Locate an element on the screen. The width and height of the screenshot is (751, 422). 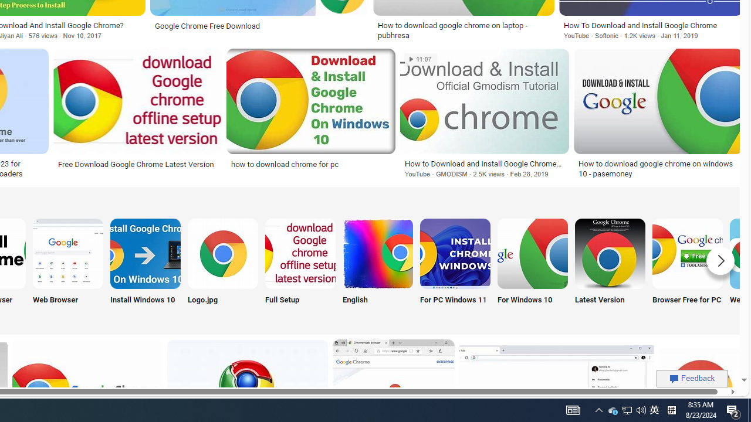
'Google Chrome Free Download' is located at coordinates (258, 26).